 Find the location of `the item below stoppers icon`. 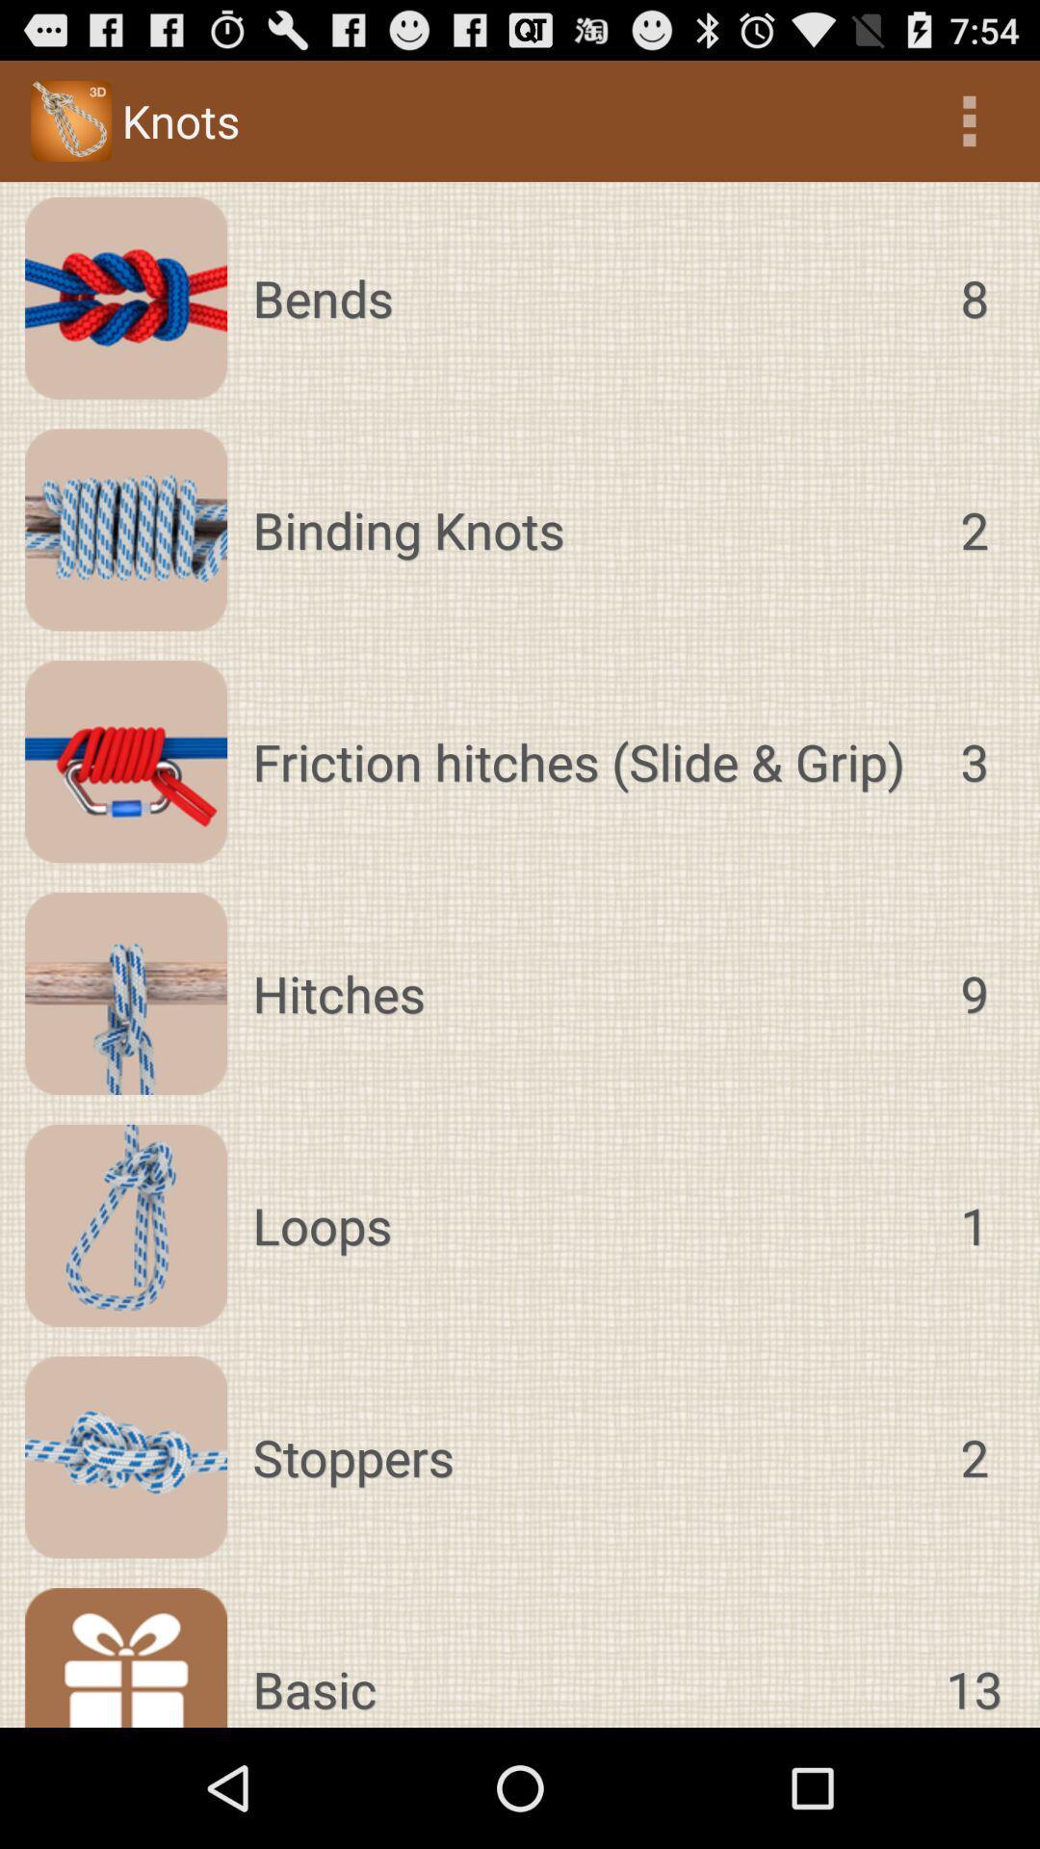

the item below stoppers icon is located at coordinates (974, 1656).